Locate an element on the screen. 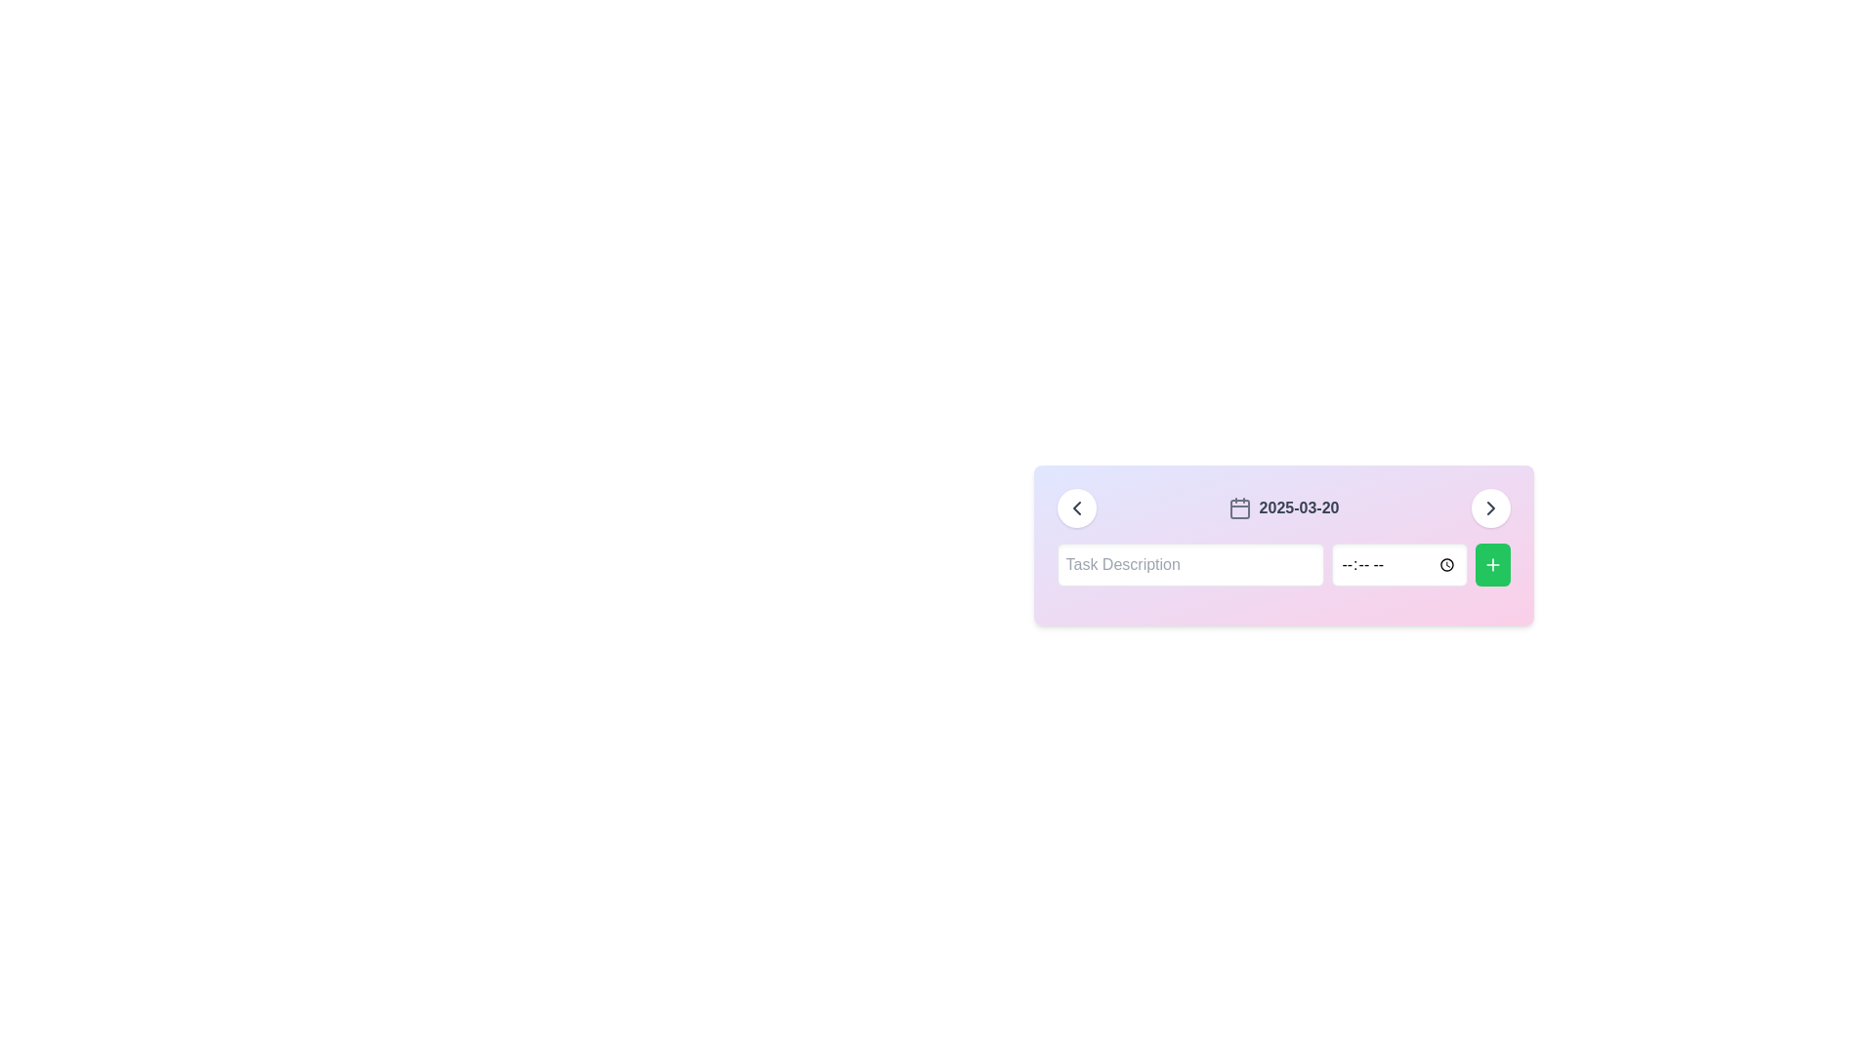  the Date Selector Component displaying the date '2025-03-20', which is centrally positioned with navigation buttons on either side is located at coordinates (1283, 507).